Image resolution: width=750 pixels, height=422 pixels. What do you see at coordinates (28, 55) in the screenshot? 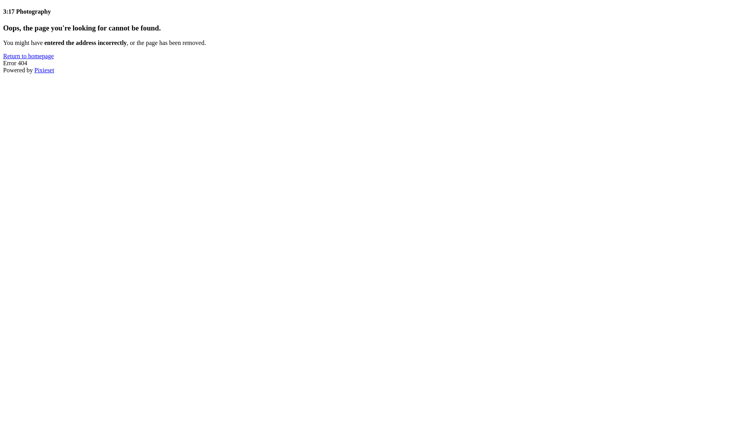
I see `'Return to homepage'` at bounding box center [28, 55].